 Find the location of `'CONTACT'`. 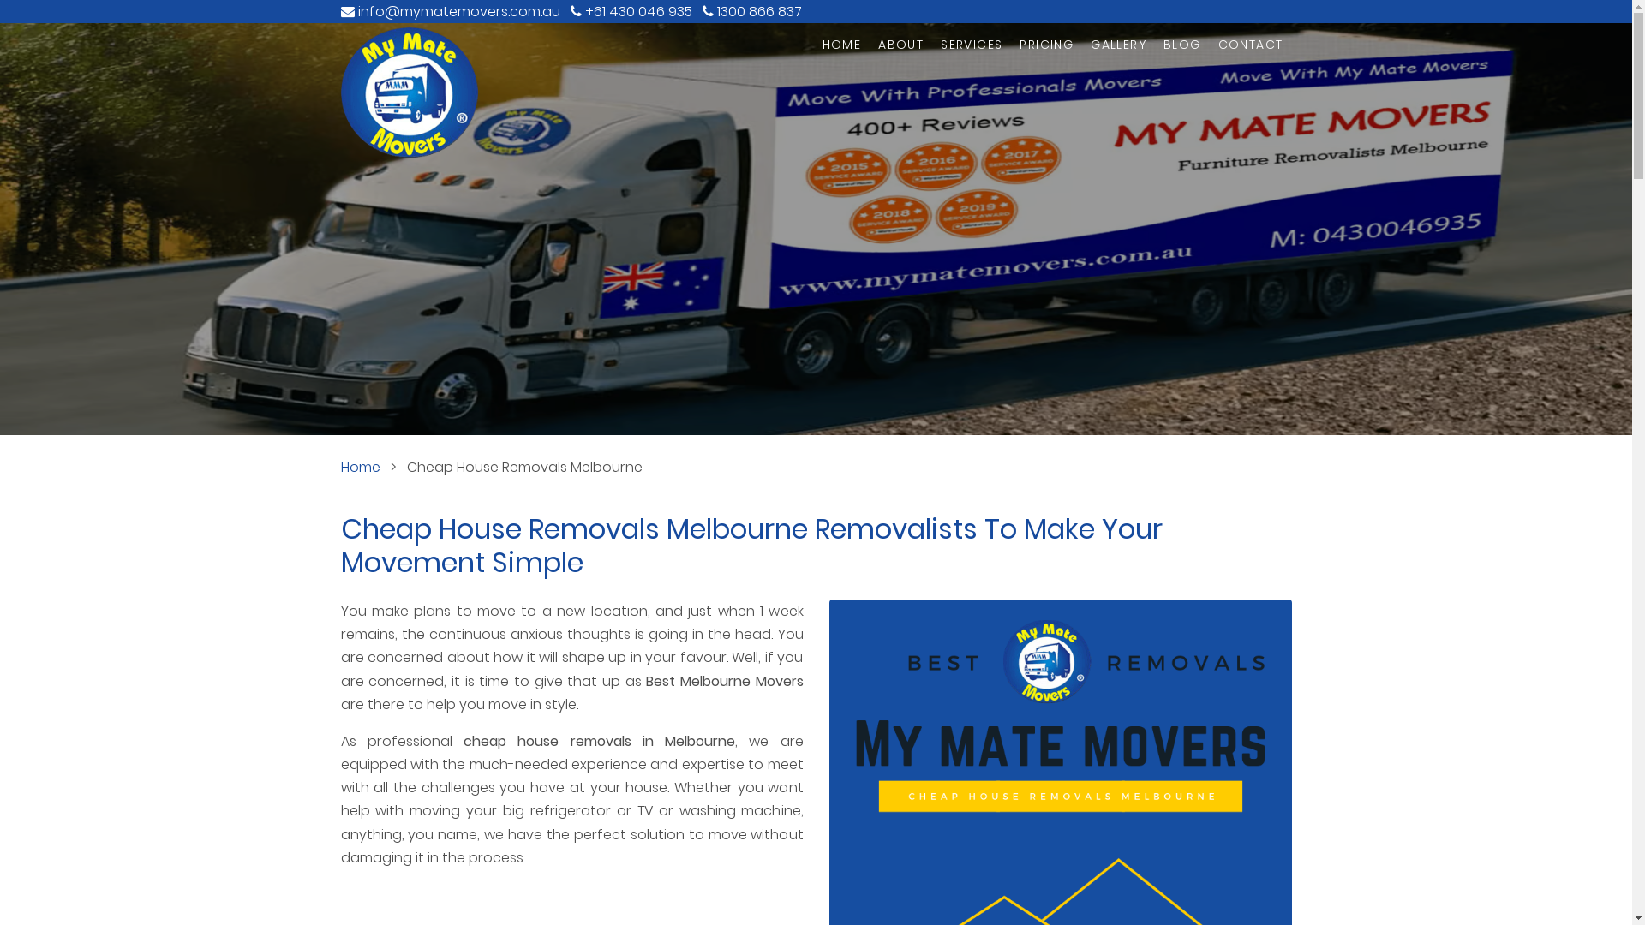

'CONTACT' is located at coordinates (1250, 43).